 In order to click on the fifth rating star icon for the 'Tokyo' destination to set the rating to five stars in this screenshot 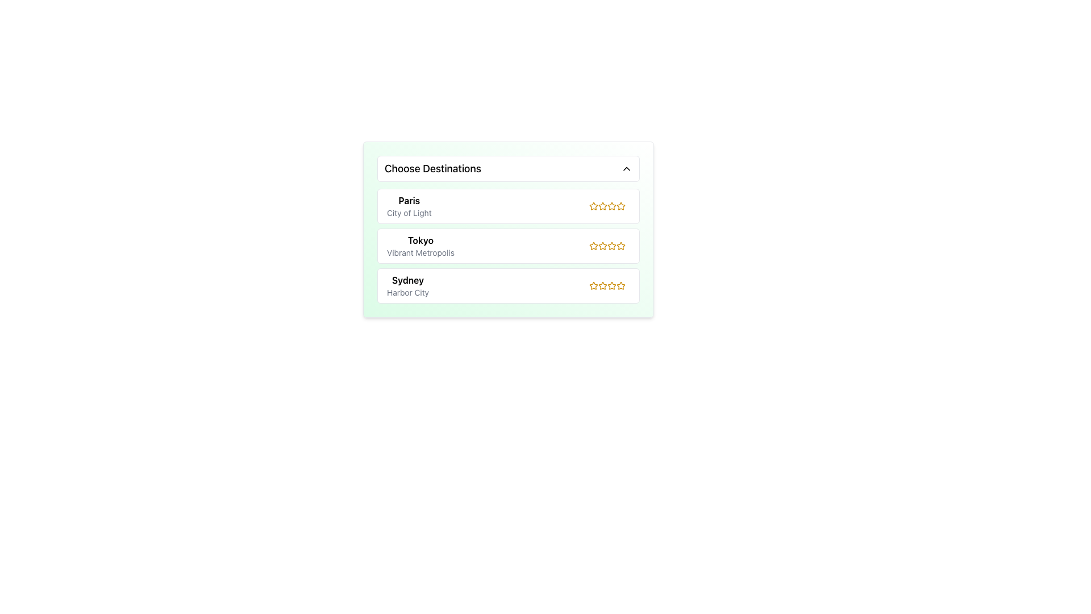, I will do `click(621, 245)`.